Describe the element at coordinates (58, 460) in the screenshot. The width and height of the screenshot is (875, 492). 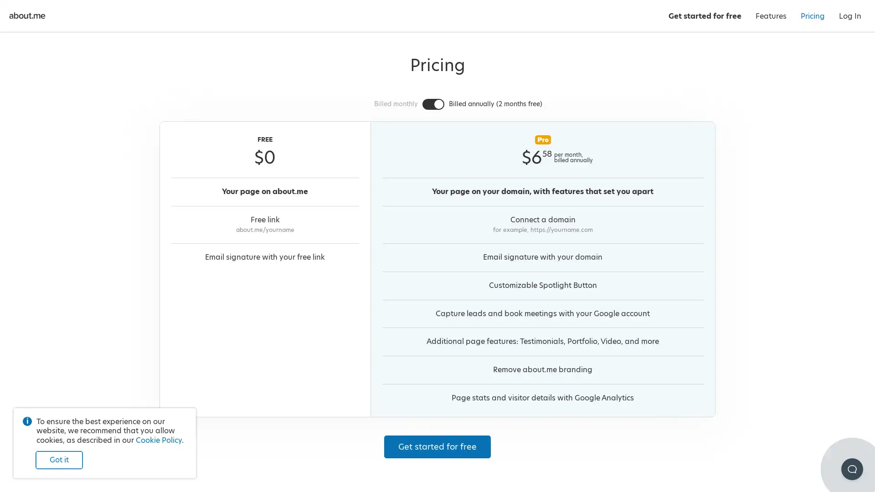
I see `Got it` at that location.